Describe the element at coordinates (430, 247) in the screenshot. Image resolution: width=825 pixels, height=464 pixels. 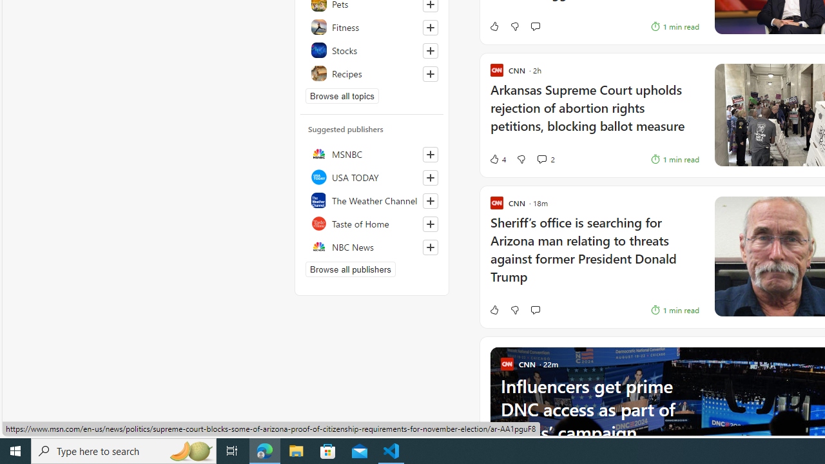
I see `'Follow this source'` at that location.